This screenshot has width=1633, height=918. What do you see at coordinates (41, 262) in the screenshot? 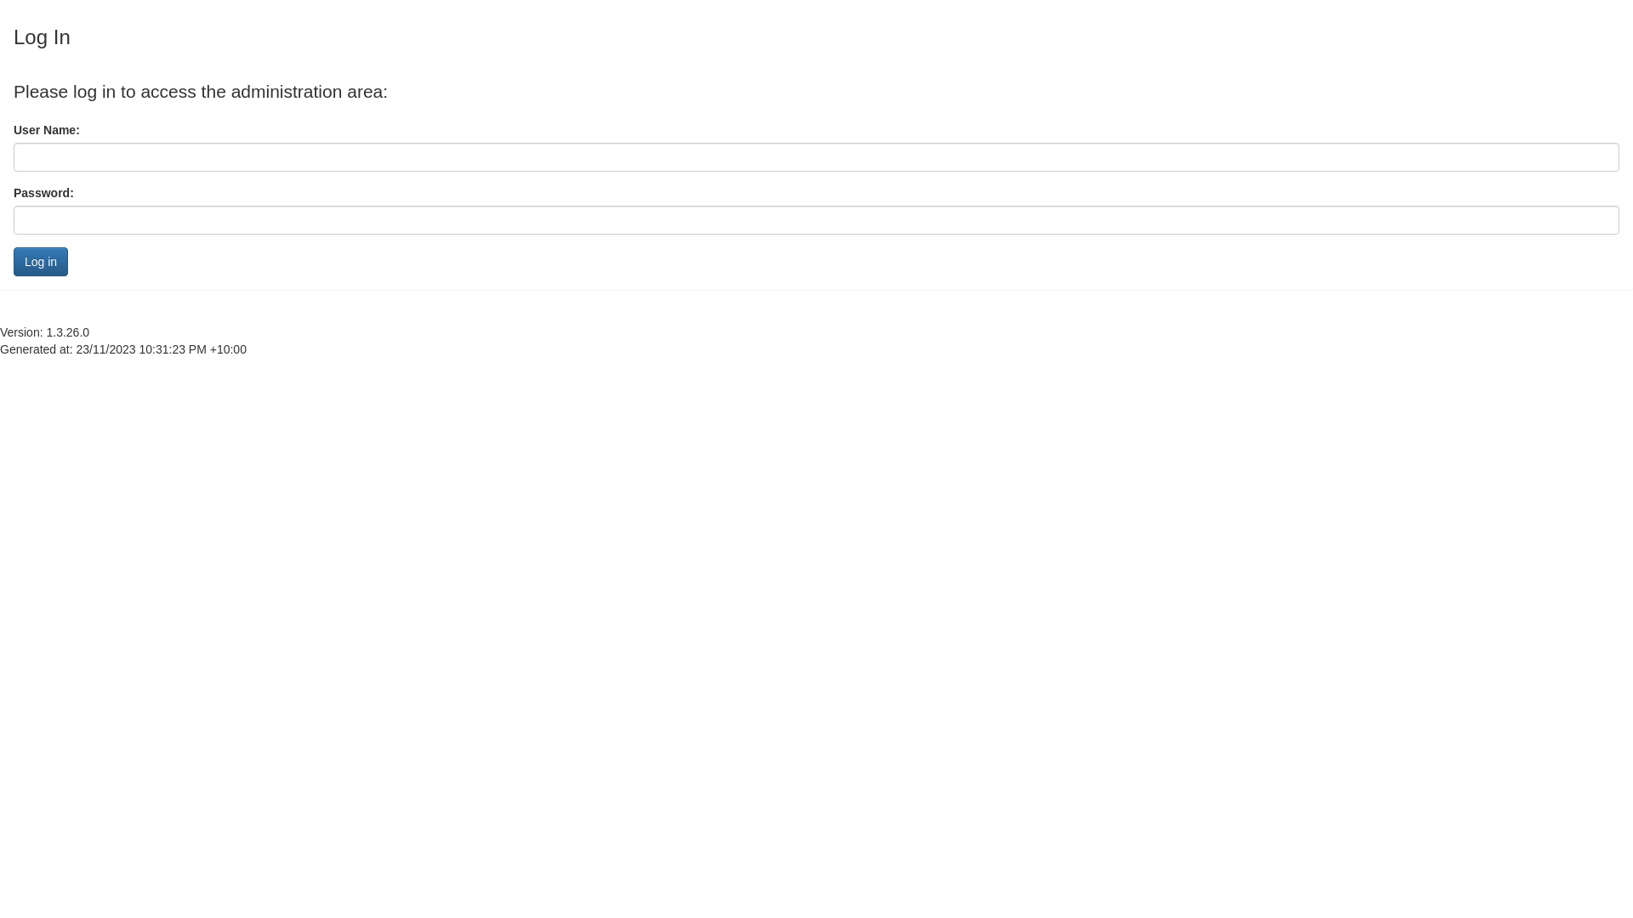
I see `'Log in'` at bounding box center [41, 262].